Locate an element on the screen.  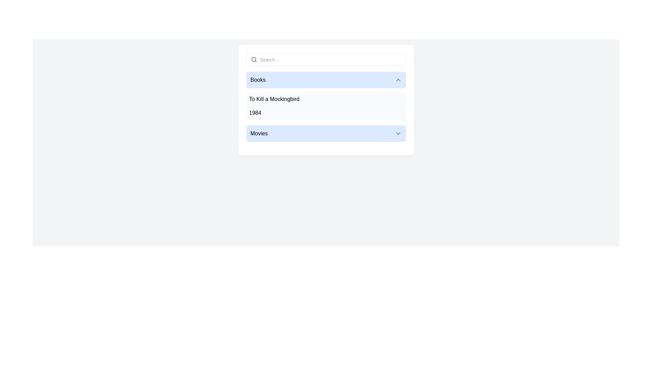
the search icon located at the top left corner of the search bar, which indicates the input for search queries is located at coordinates (253, 59).